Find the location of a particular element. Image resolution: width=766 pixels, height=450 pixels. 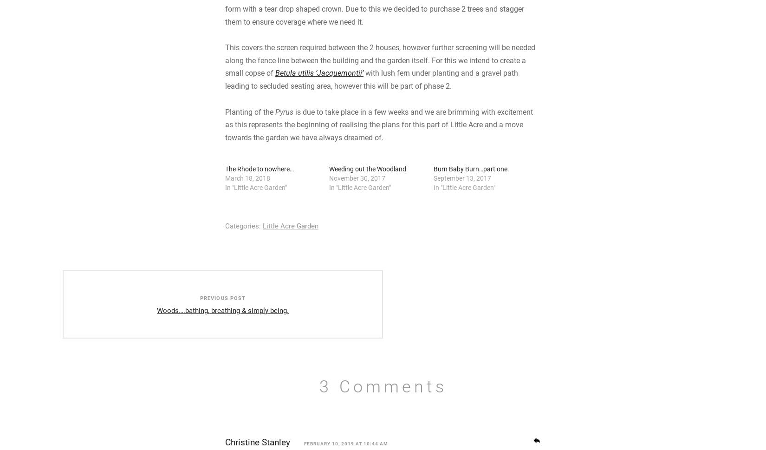

'with lush fern under planting and a gravel path leading to secluded seating area, however this will be part of phase 2.' is located at coordinates (371, 155).